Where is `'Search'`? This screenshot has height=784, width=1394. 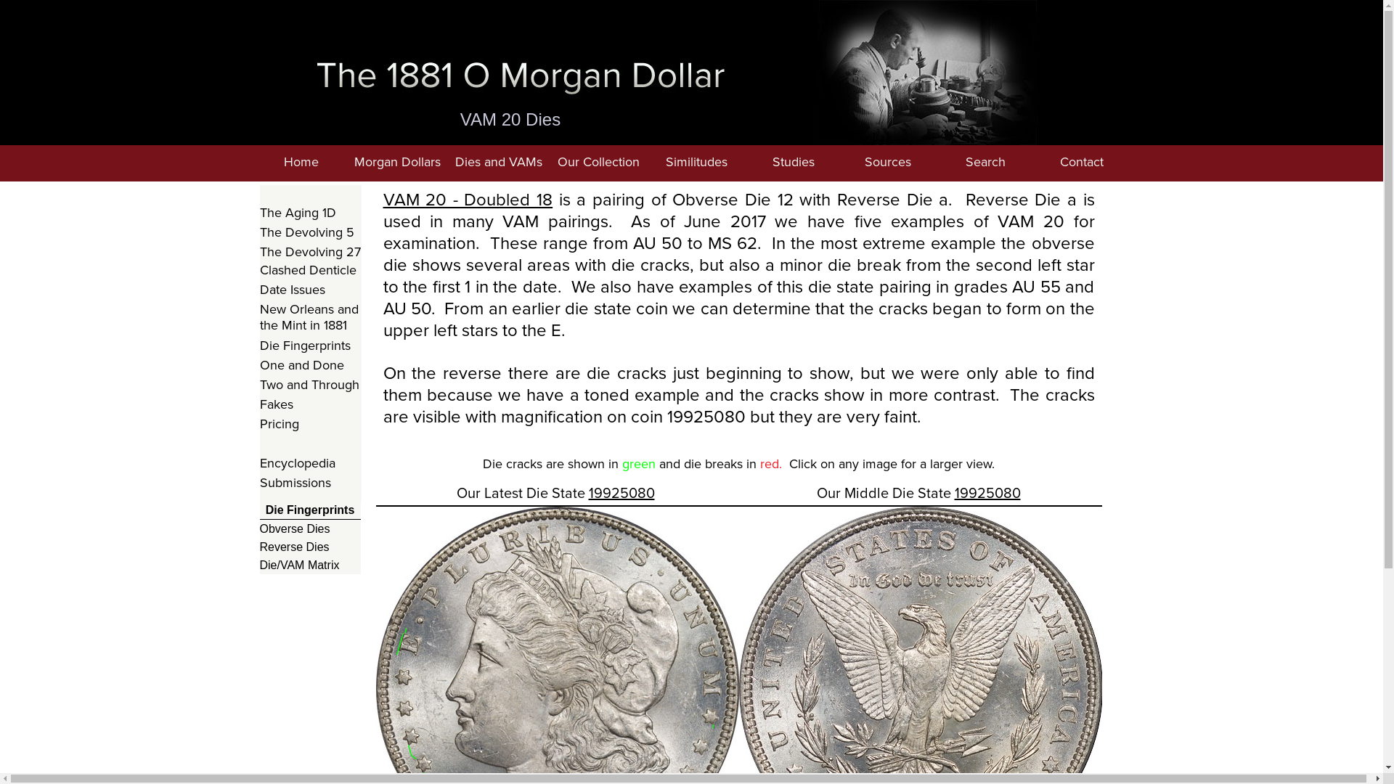
'Search' is located at coordinates (985, 163).